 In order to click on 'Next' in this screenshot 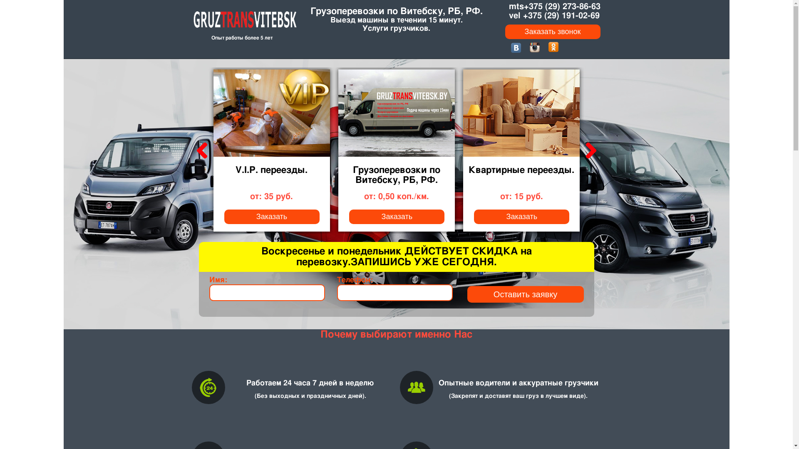, I will do `click(589, 150)`.